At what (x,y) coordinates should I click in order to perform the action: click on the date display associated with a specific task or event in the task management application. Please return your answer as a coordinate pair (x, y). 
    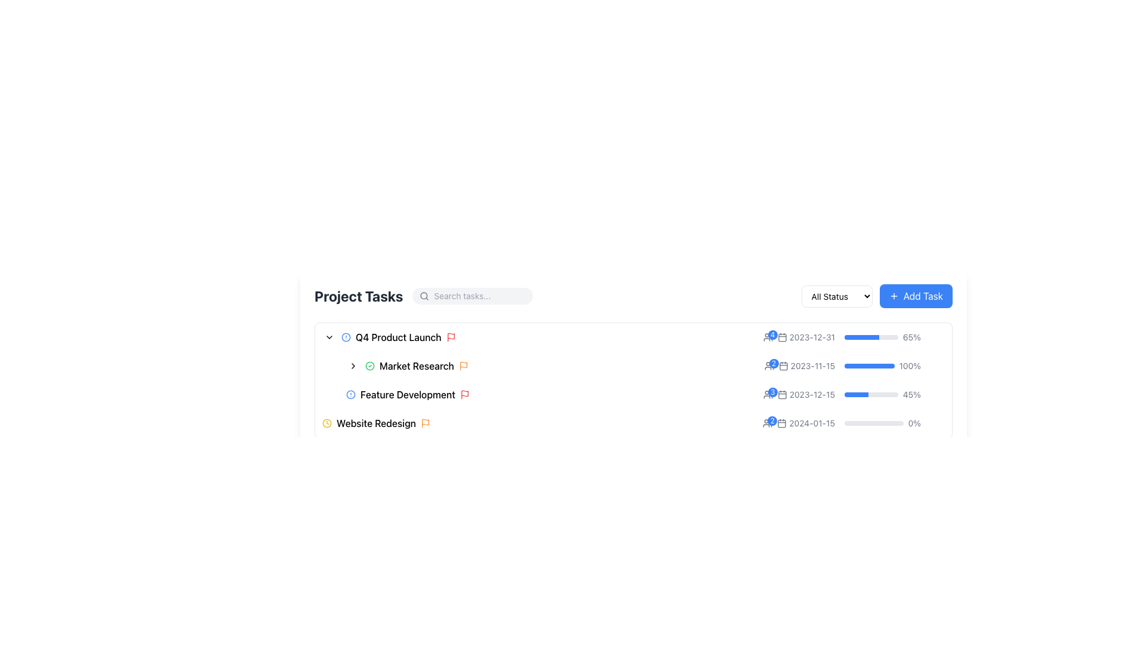
    Looking at the image, I should click on (799, 394).